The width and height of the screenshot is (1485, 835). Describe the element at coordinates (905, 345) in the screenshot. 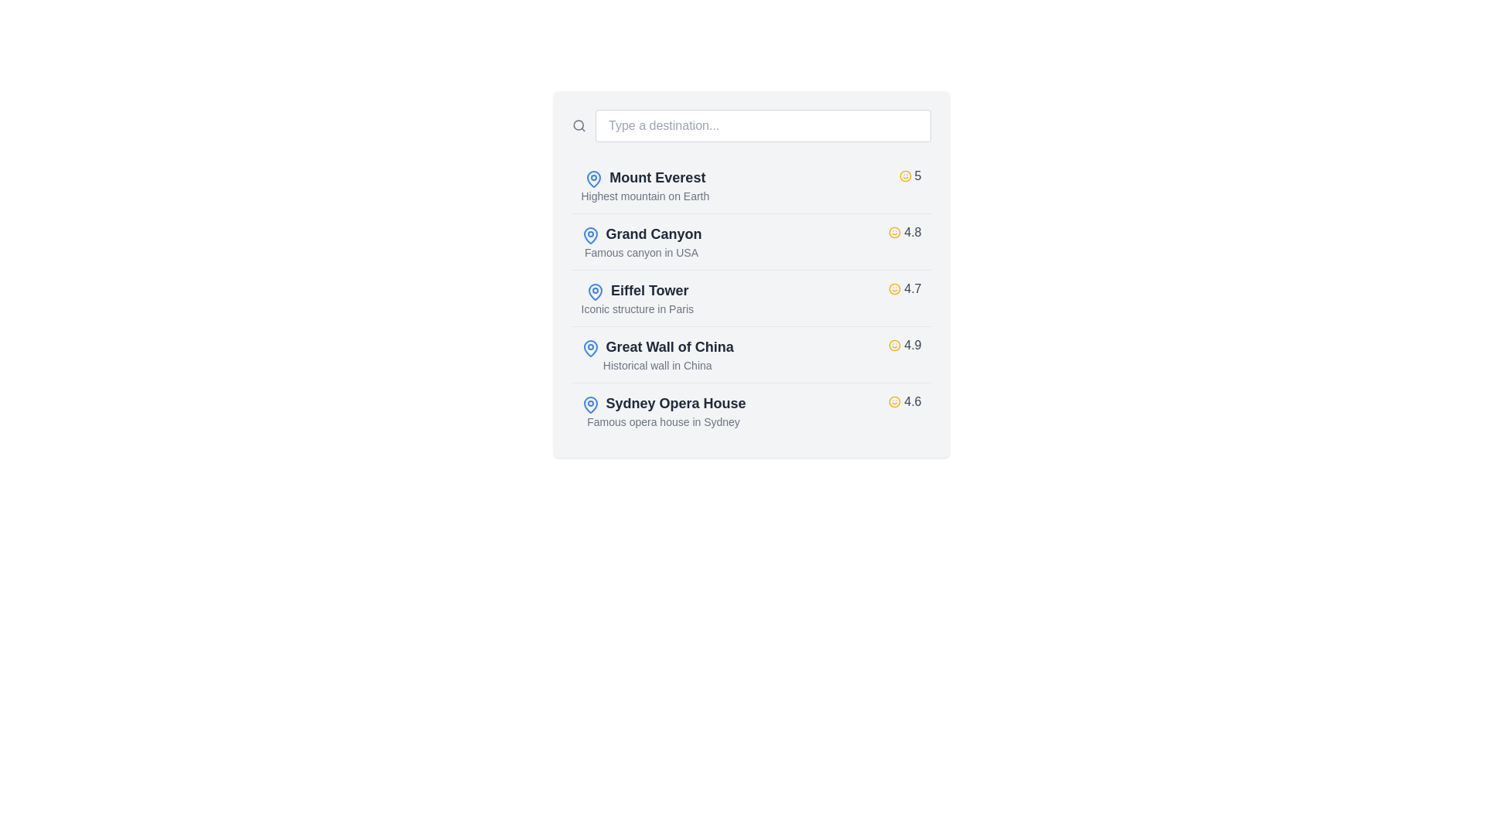

I see `the Rating display element which consists of a yellow smiley icon followed by the text '4.9', indicating a high rating for 'Great Wall of China'` at that location.